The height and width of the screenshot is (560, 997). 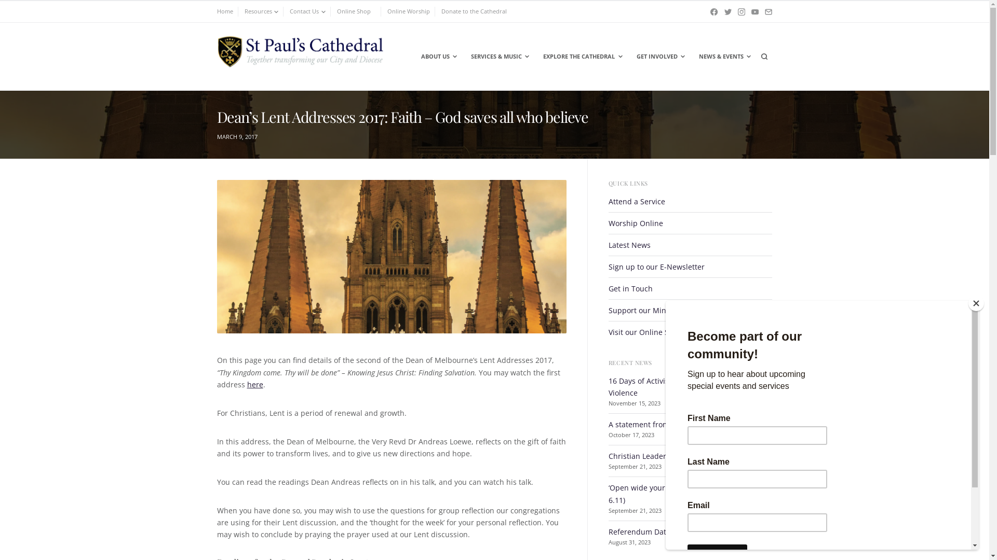 I want to click on 'Youtube', so click(x=751, y=11).